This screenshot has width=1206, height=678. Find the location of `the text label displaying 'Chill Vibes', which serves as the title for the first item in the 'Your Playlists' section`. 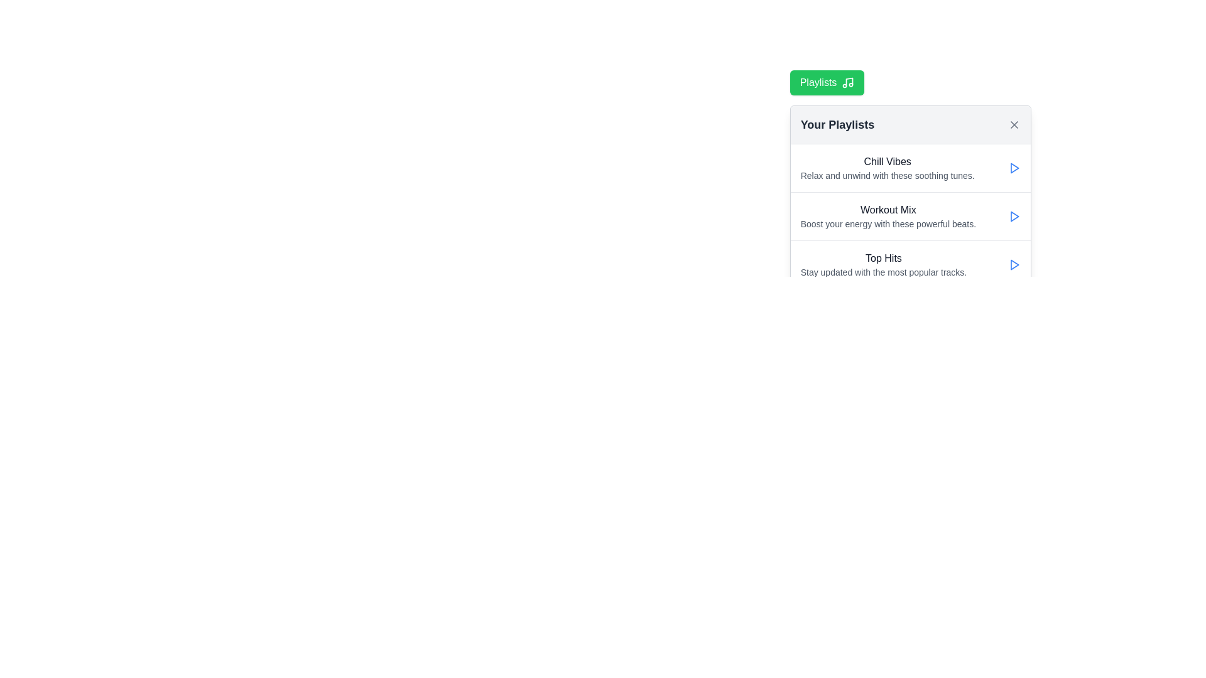

the text label displaying 'Chill Vibes', which serves as the title for the first item in the 'Your Playlists' section is located at coordinates (887, 161).